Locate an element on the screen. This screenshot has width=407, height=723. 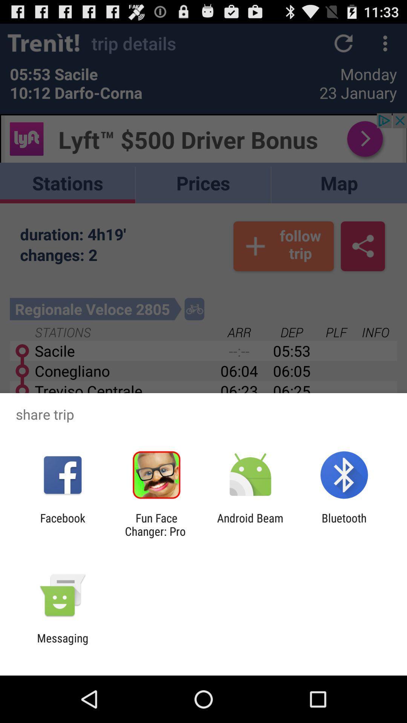
icon to the left of android beam is located at coordinates (156, 524).